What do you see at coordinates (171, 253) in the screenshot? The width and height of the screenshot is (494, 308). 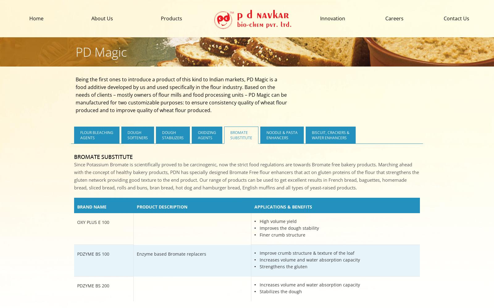 I see `'Enzyme based Bromate replacers'` at bounding box center [171, 253].